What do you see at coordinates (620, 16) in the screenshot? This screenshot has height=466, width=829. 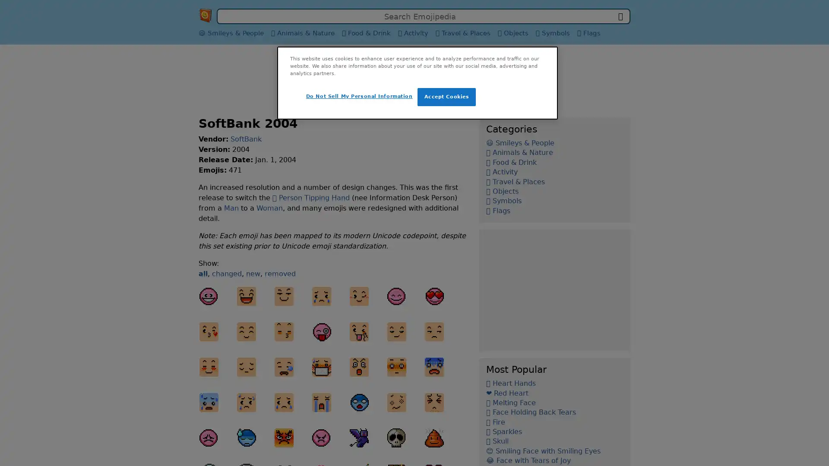 I see `search` at bounding box center [620, 16].